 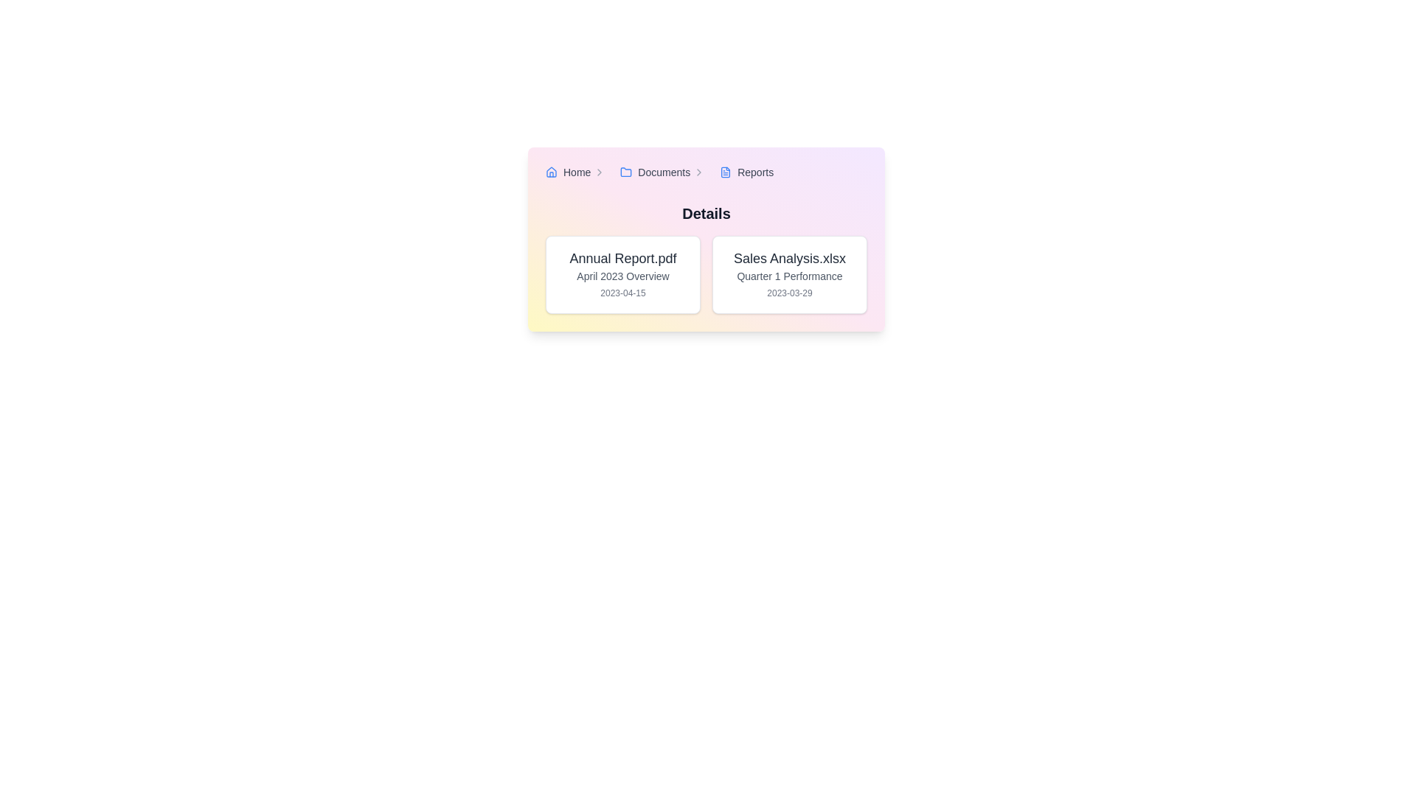 I want to click on the breadcrumb item labeled 'Reports', so click(x=746, y=172).